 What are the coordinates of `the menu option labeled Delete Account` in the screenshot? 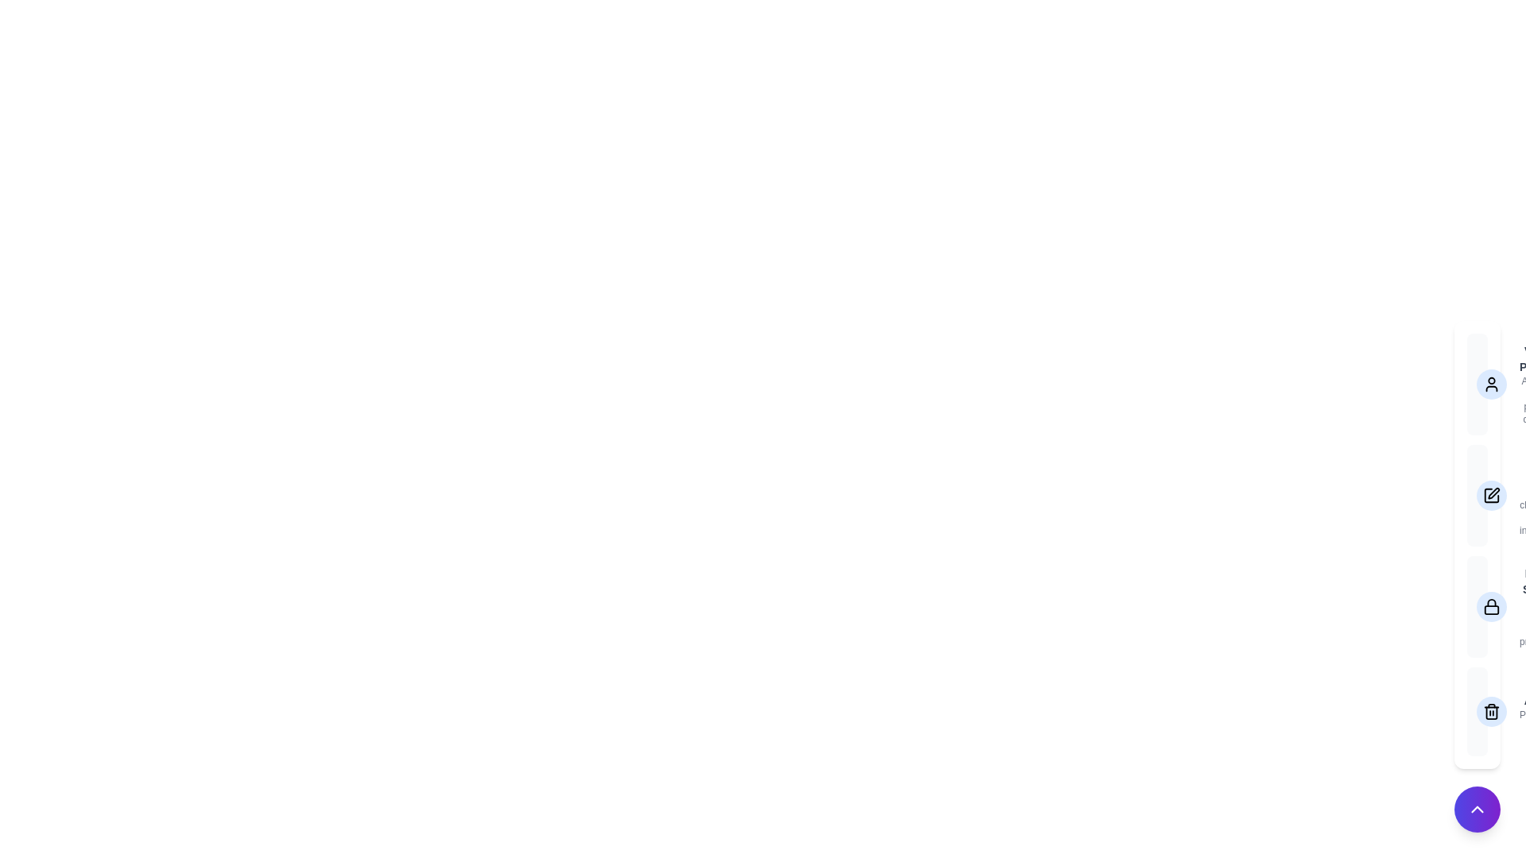 It's located at (1476, 710).